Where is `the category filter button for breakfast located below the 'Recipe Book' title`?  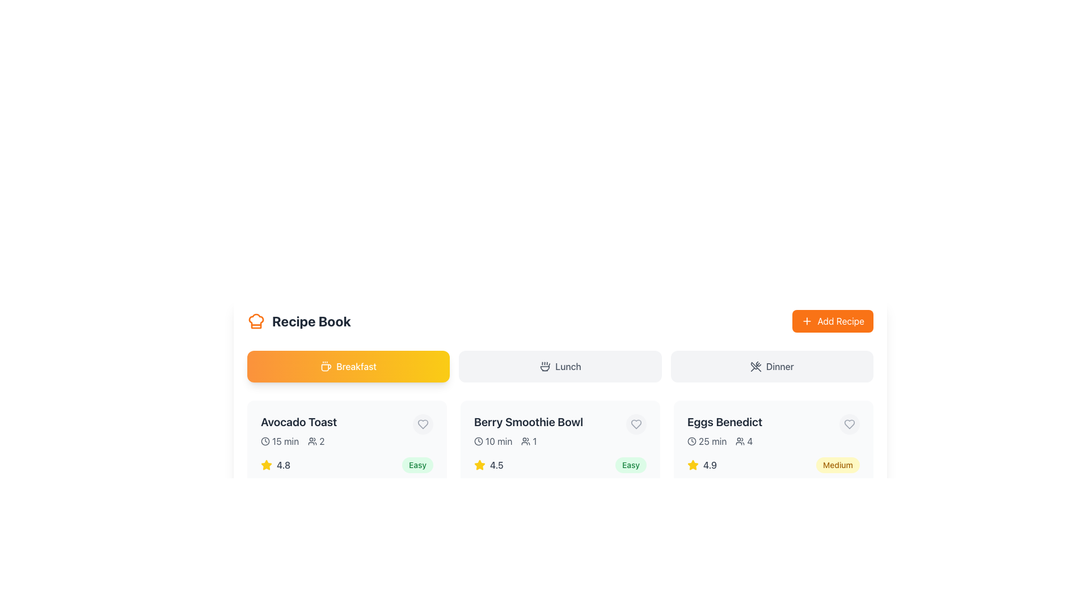
the category filter button for breakfast located below the 'Recipe Book' title is located at coordinates (348, 367).